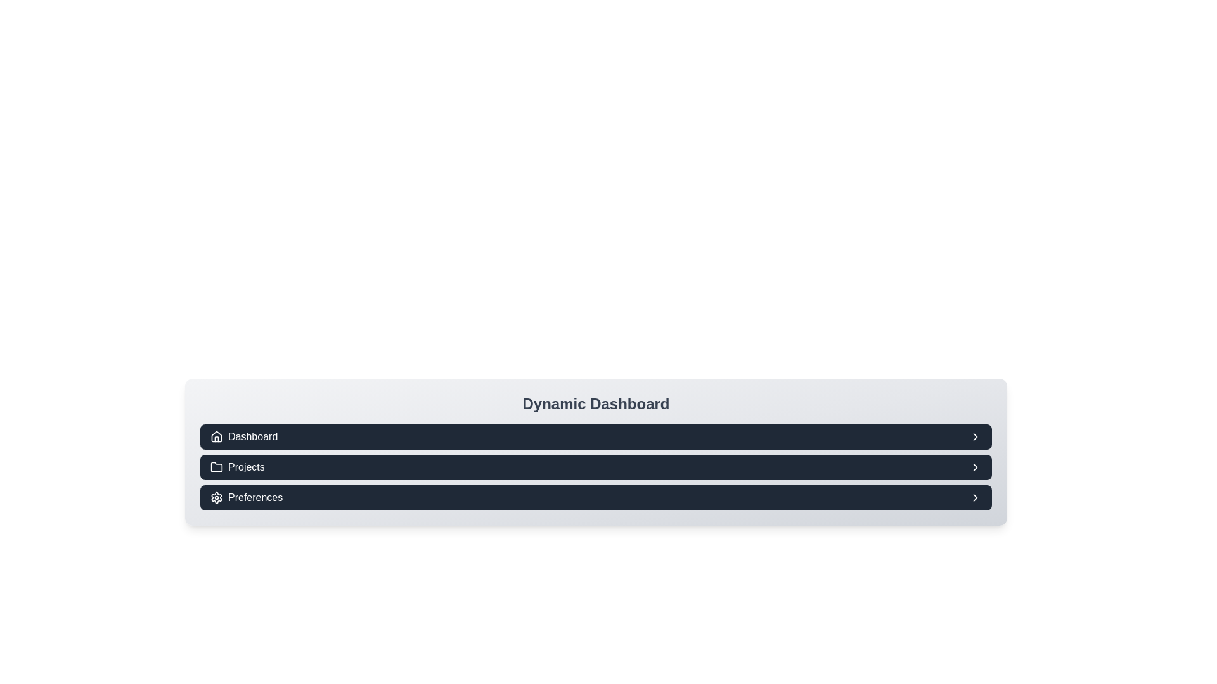 The image size is (1217, 684). I want to click on the rightward chevron SVG icon located at the far right of the 'Preferences' row, so click(975, 497).